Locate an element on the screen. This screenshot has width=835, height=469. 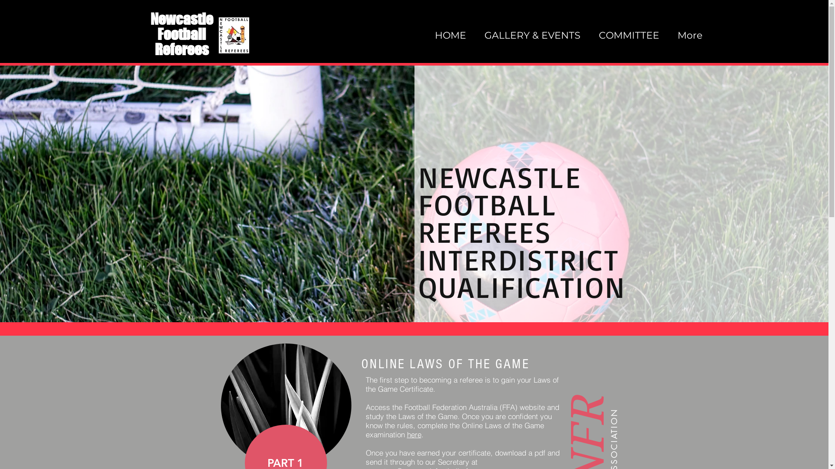
'GALLERY & EVENTS' is located at coordinates (477, 35).